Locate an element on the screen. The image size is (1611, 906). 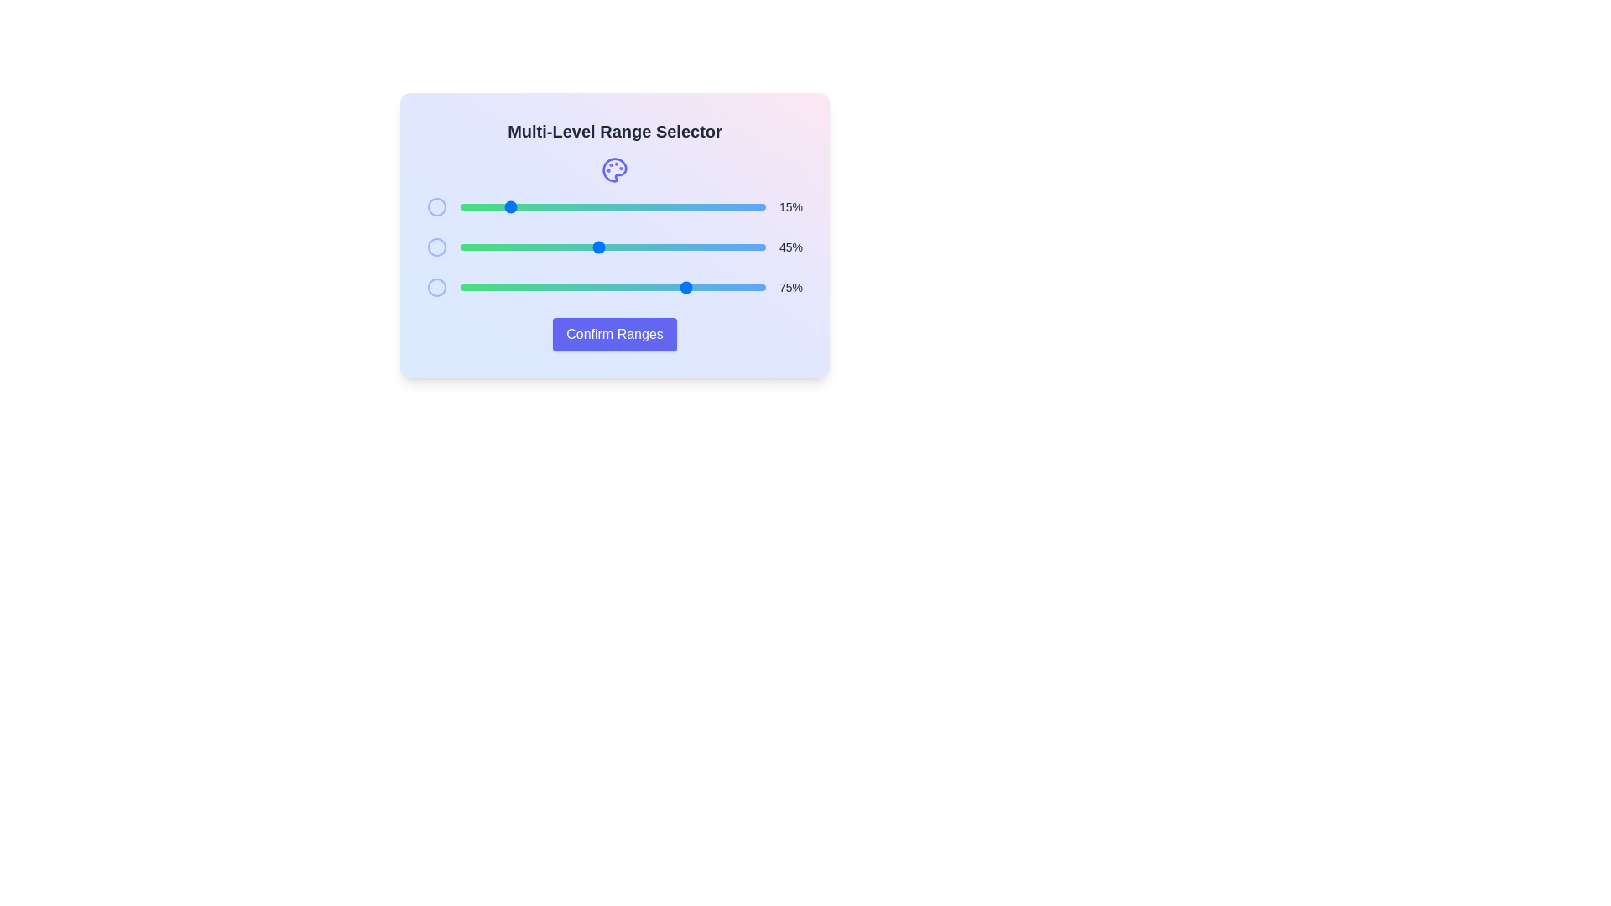
the 'Confirm Ranges' button to submit the selected ranges is located at coordinates (614, 334).